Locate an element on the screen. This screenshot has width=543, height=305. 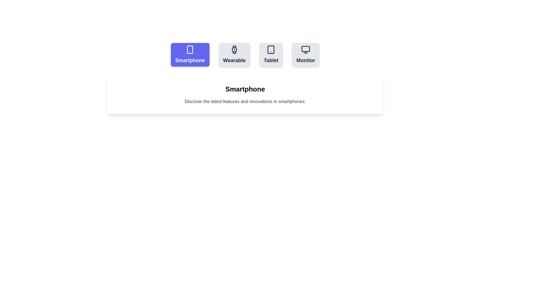
the tab button corresponding to Smartphone is located at coordinates (190, 55).